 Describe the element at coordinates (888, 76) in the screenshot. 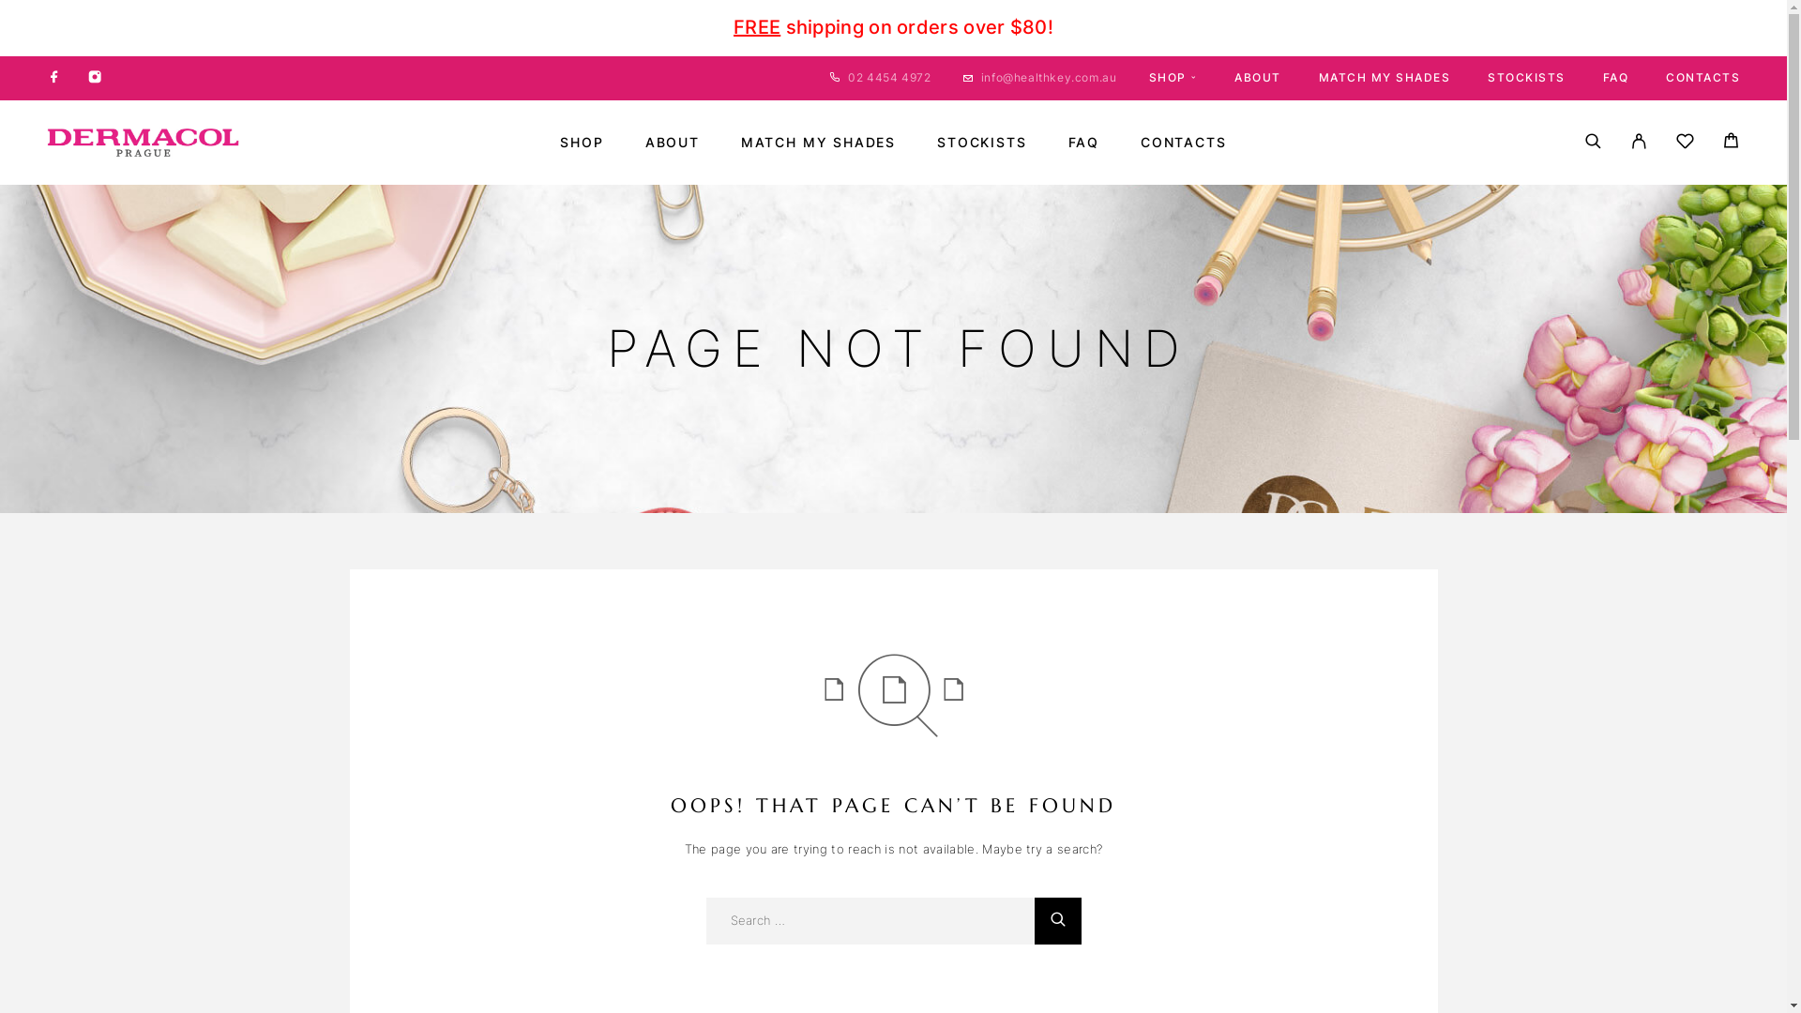

I see `'02 4454 4972'` at that location.